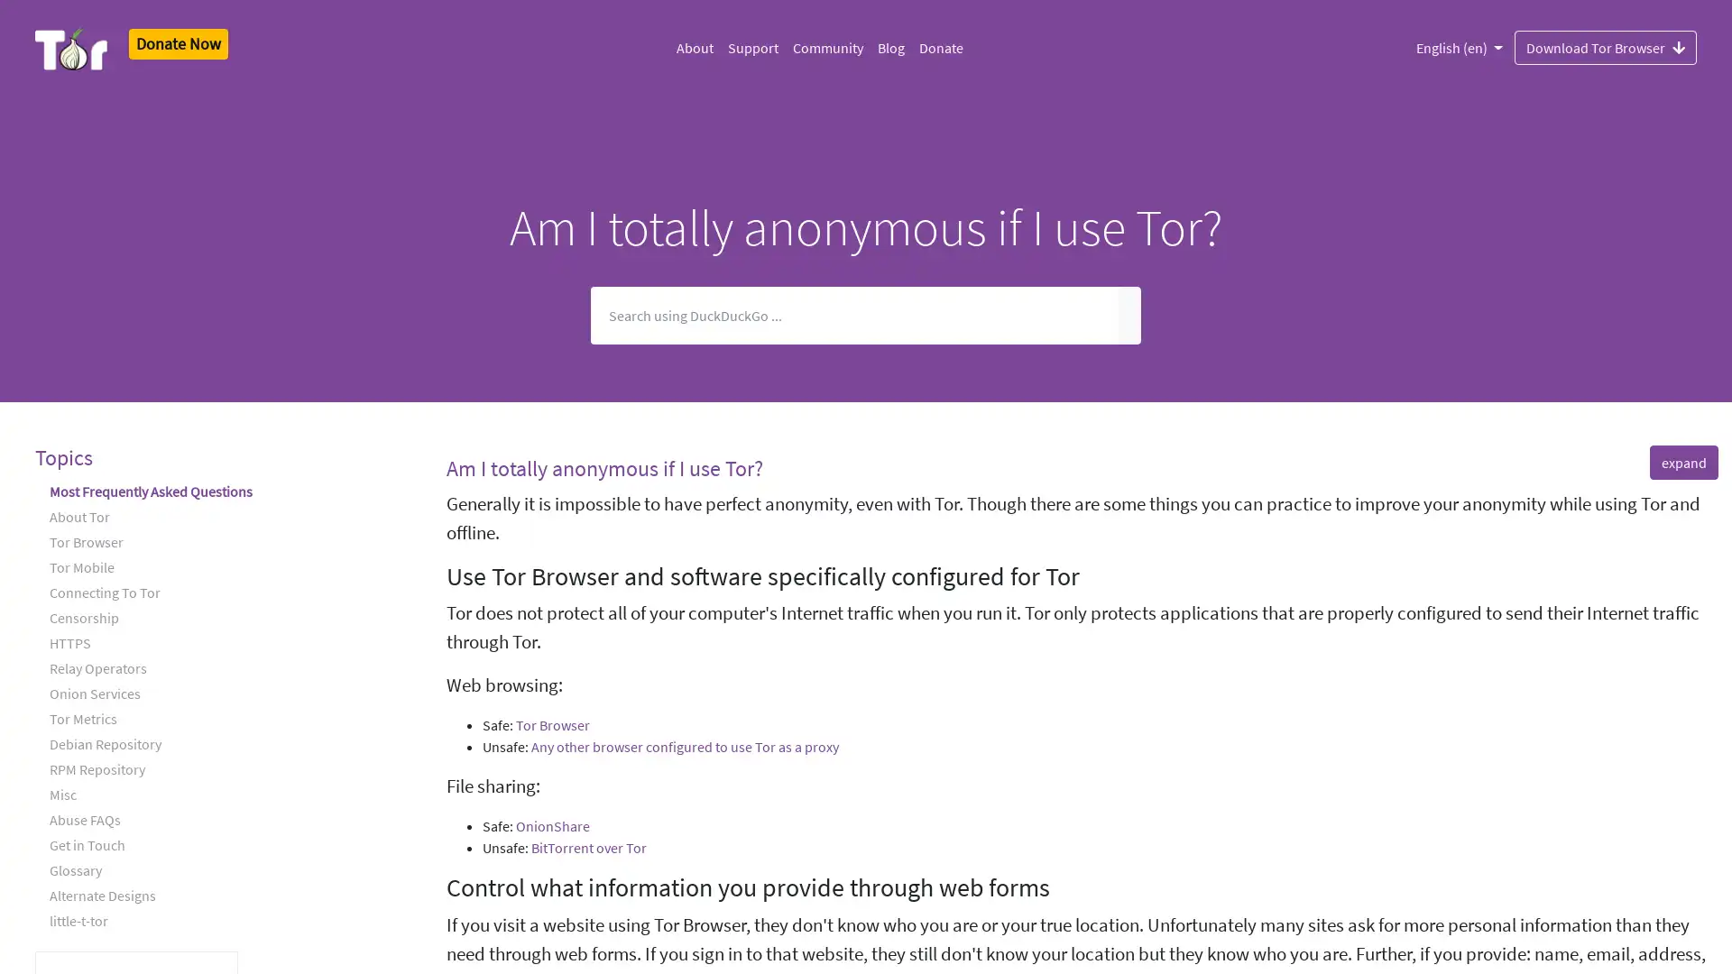  Describe the element at coordinates (223, 768) in the screenshot. I see `RPM Repository` at that location.